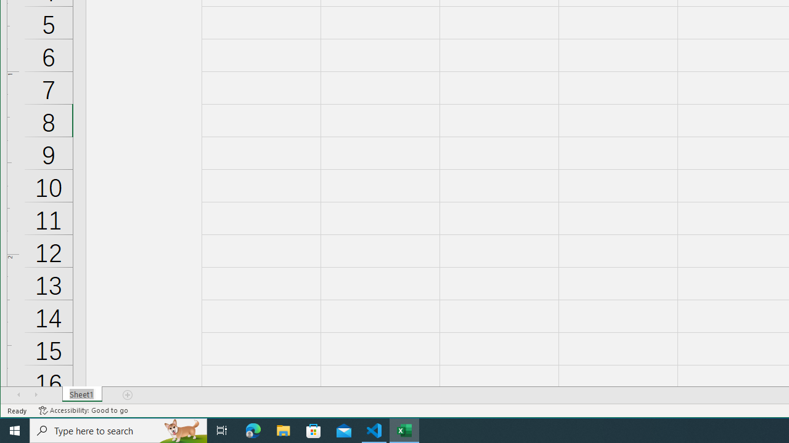  Describe the element at coordinates (253, 429) in the screenshot. I see `'Microsoft Edge'` at that location.